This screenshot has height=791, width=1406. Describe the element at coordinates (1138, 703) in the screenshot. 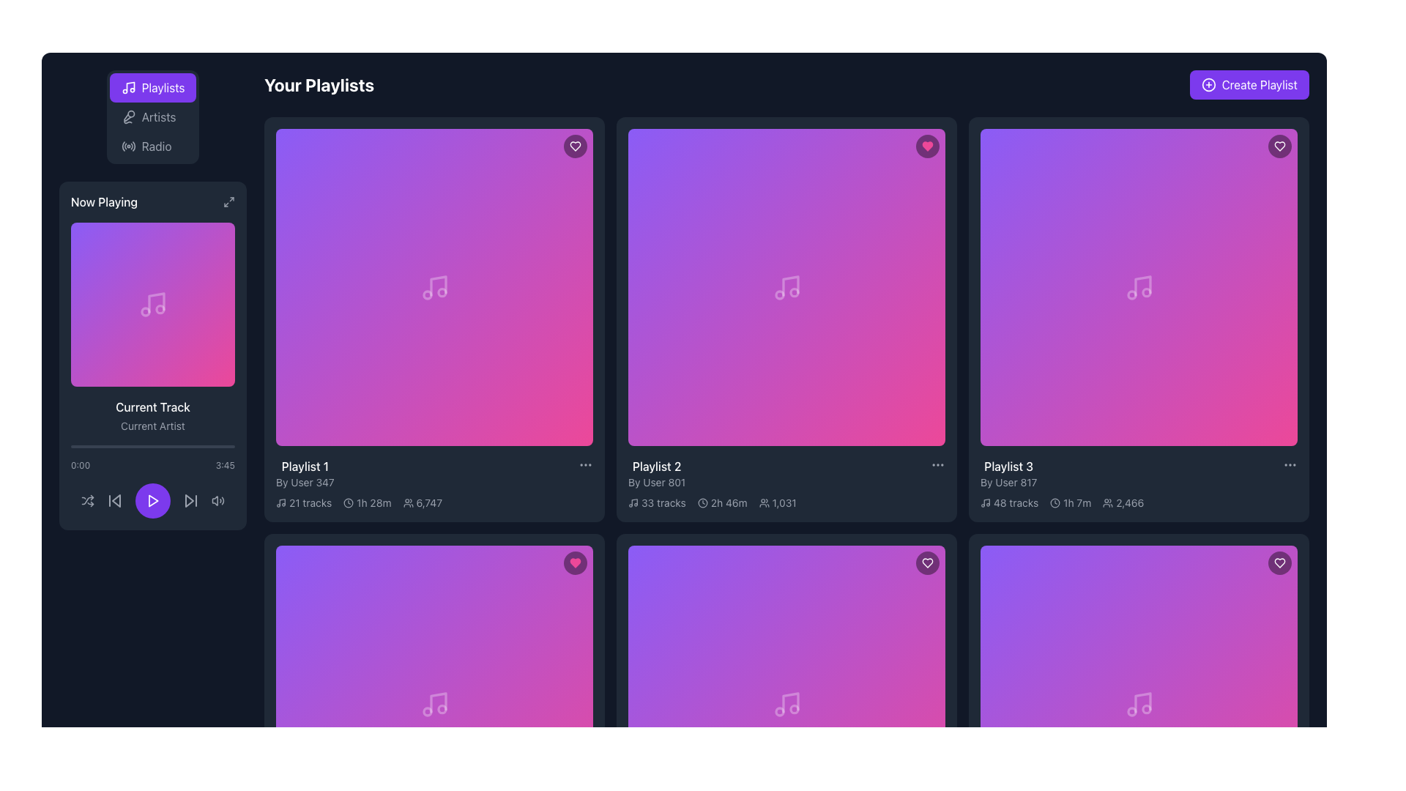

I see `the triangular play icon button, which is part of the 'Playlist 3' card in the lower row of the grid, to initiate playback` at that location.